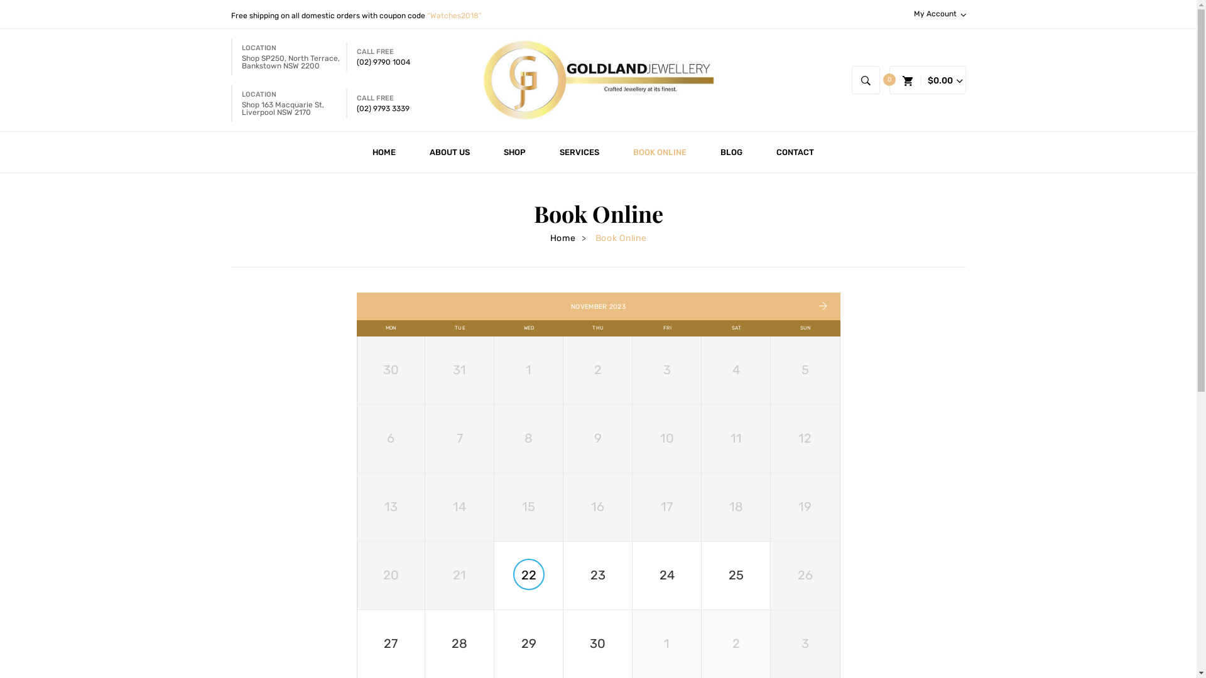  What do you see at coordinates (382, 108) in the screenshot?
I see `'(02) 9793 3339'` at bounding box center [382, 108].